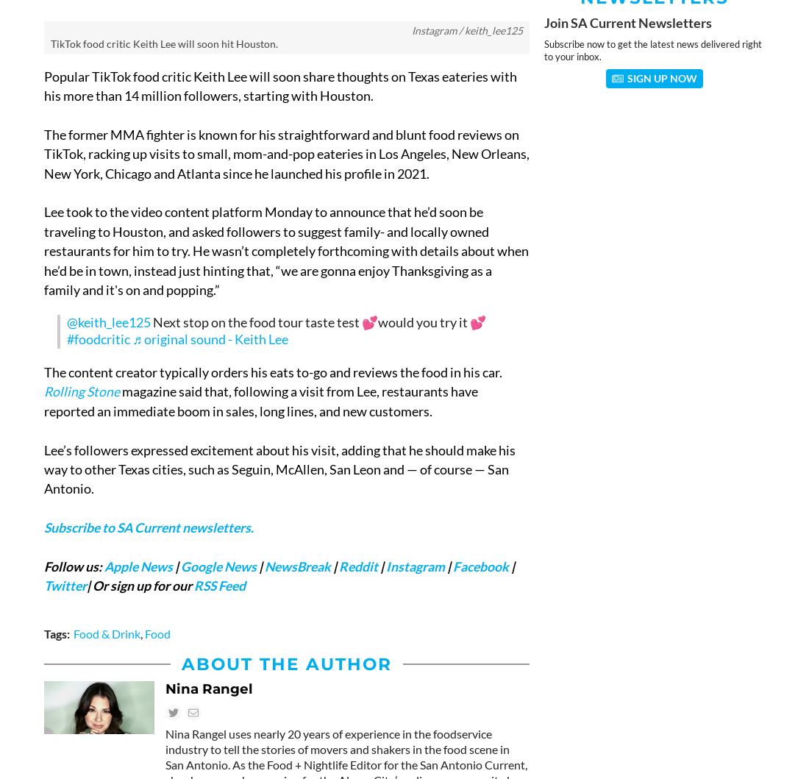 This screenshot has width=809, height=779. What do you see at coordinates (414, 565) in the screenshot?
I see `'Instagram'` at bounding box center [414, 565].